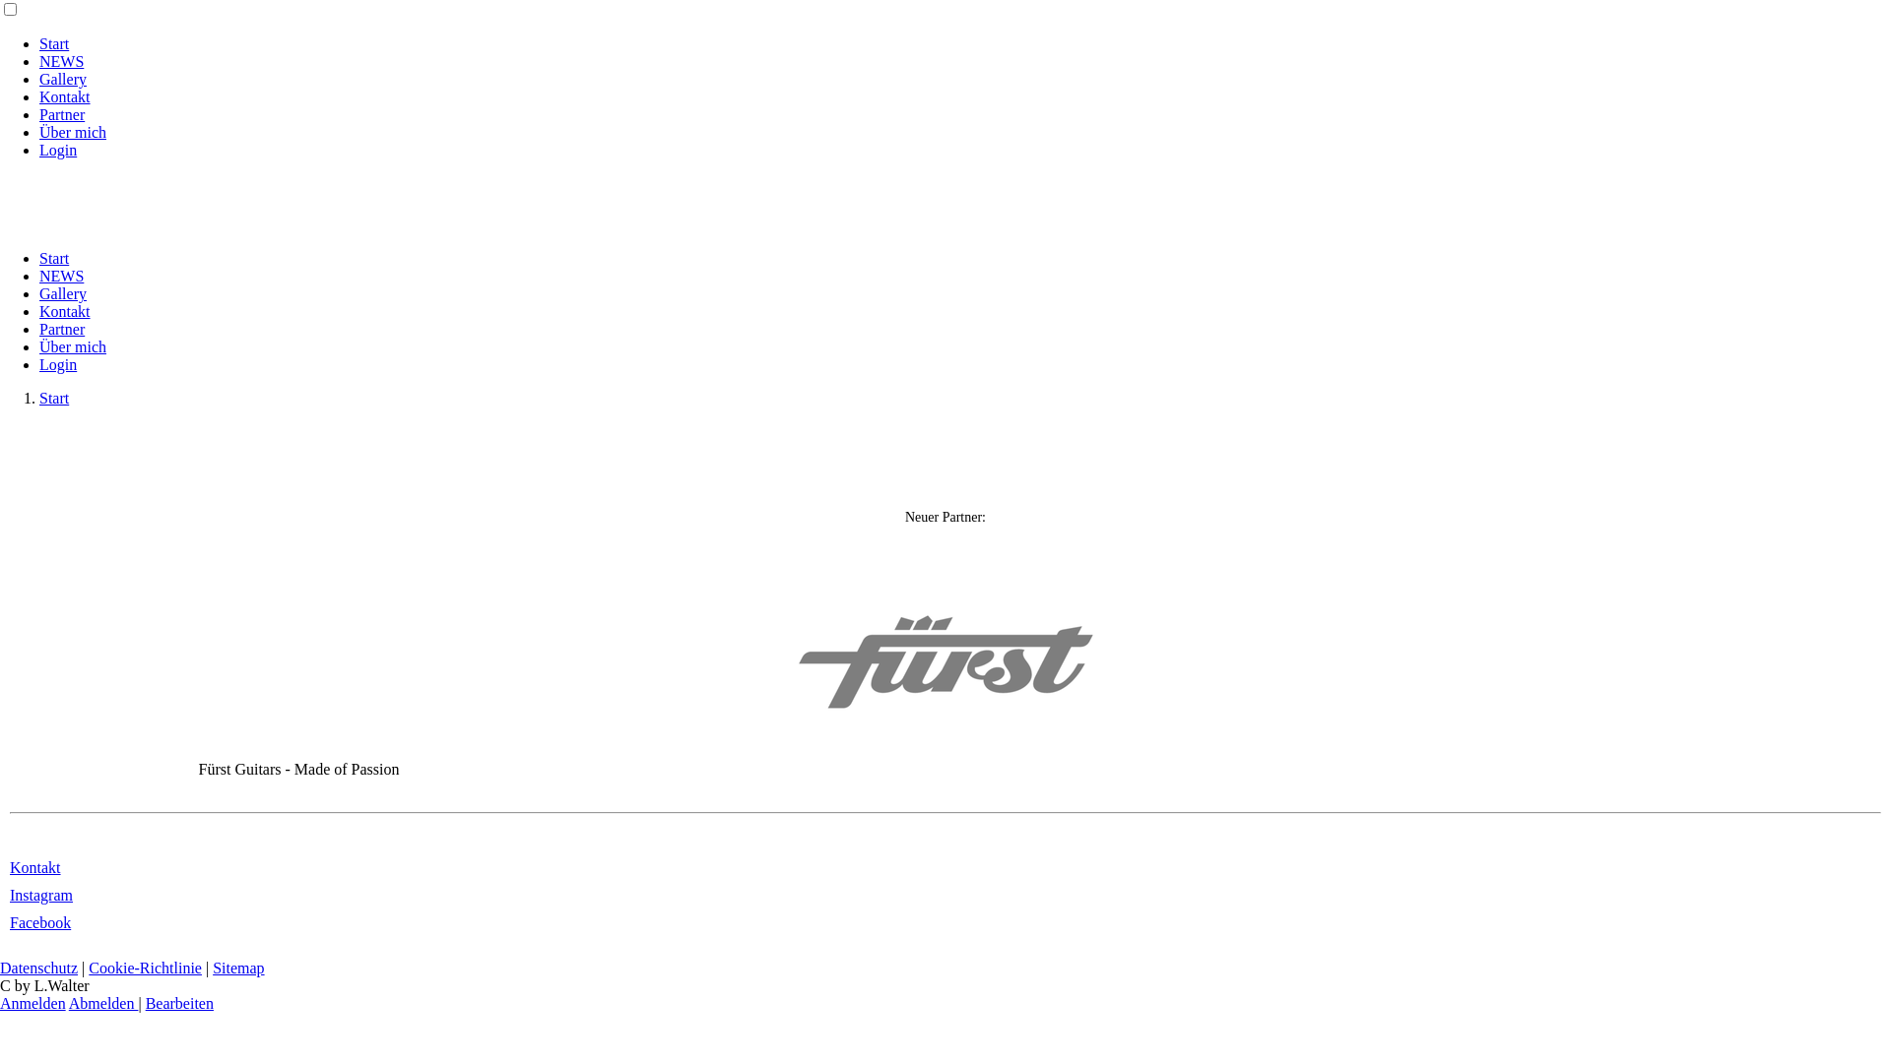 This screenshot has width=1891, height=1063. I want to click on 'Start', so click(53, 43).